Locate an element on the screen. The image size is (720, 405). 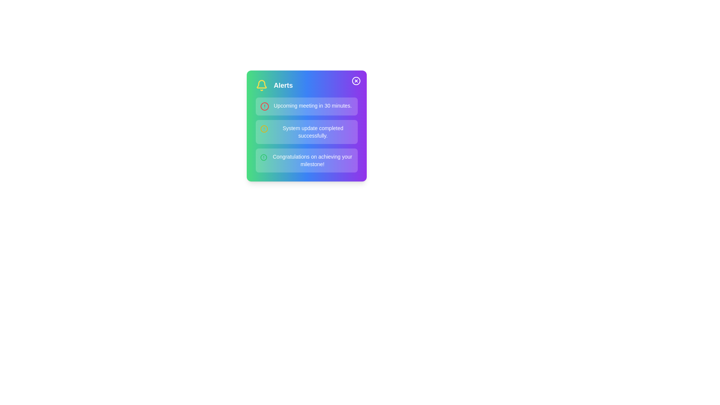
the alert notification item that informs the user of an upcoming meeting in 30 minutes by moving the cursor to its center point is located at coordinates (306, 106).